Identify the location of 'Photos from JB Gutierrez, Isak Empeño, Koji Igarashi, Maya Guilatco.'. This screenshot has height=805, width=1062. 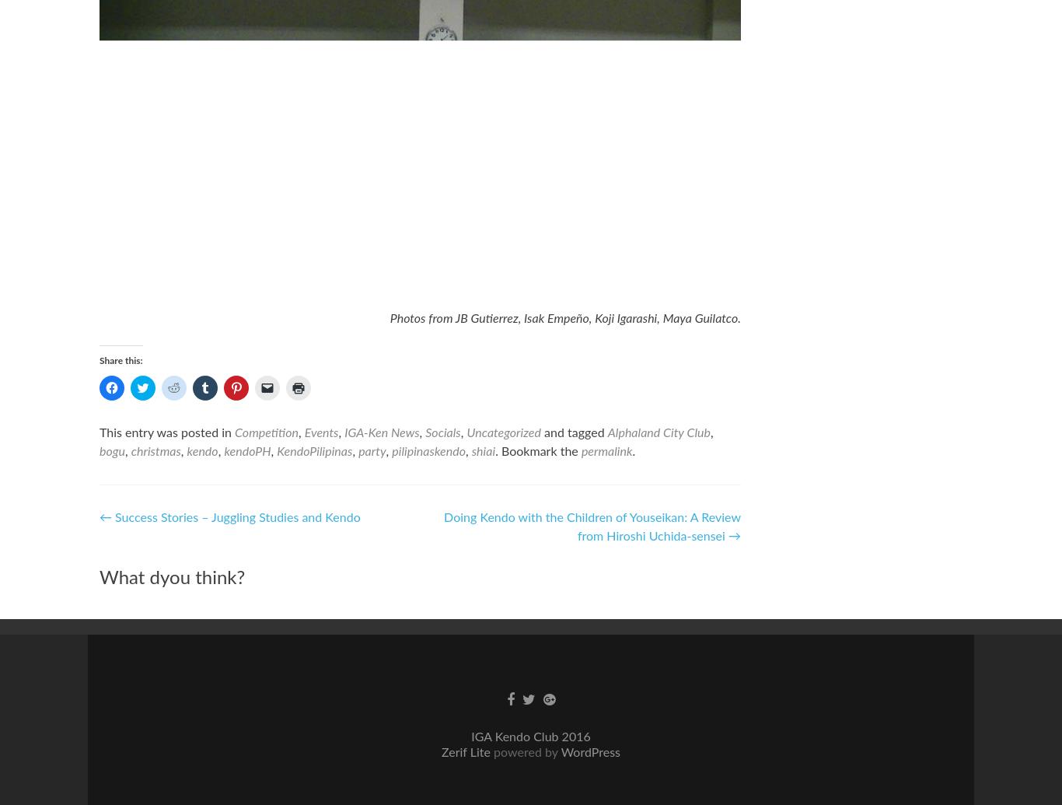
(390, 318).